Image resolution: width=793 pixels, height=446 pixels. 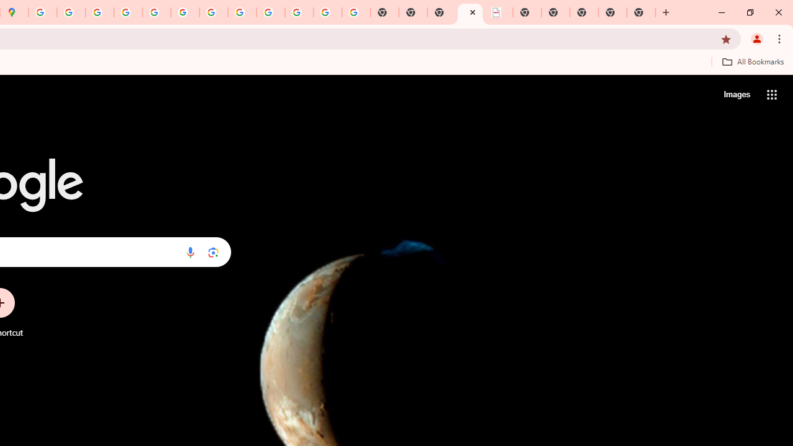 I want to click on 'New Tab', so click(x=641, y=12).